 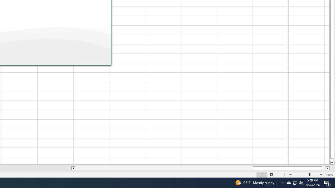 What do you see at coordinates (334, 182) in the screenshot?
I see `'Show desktop'` at bounding box center [334, 182].